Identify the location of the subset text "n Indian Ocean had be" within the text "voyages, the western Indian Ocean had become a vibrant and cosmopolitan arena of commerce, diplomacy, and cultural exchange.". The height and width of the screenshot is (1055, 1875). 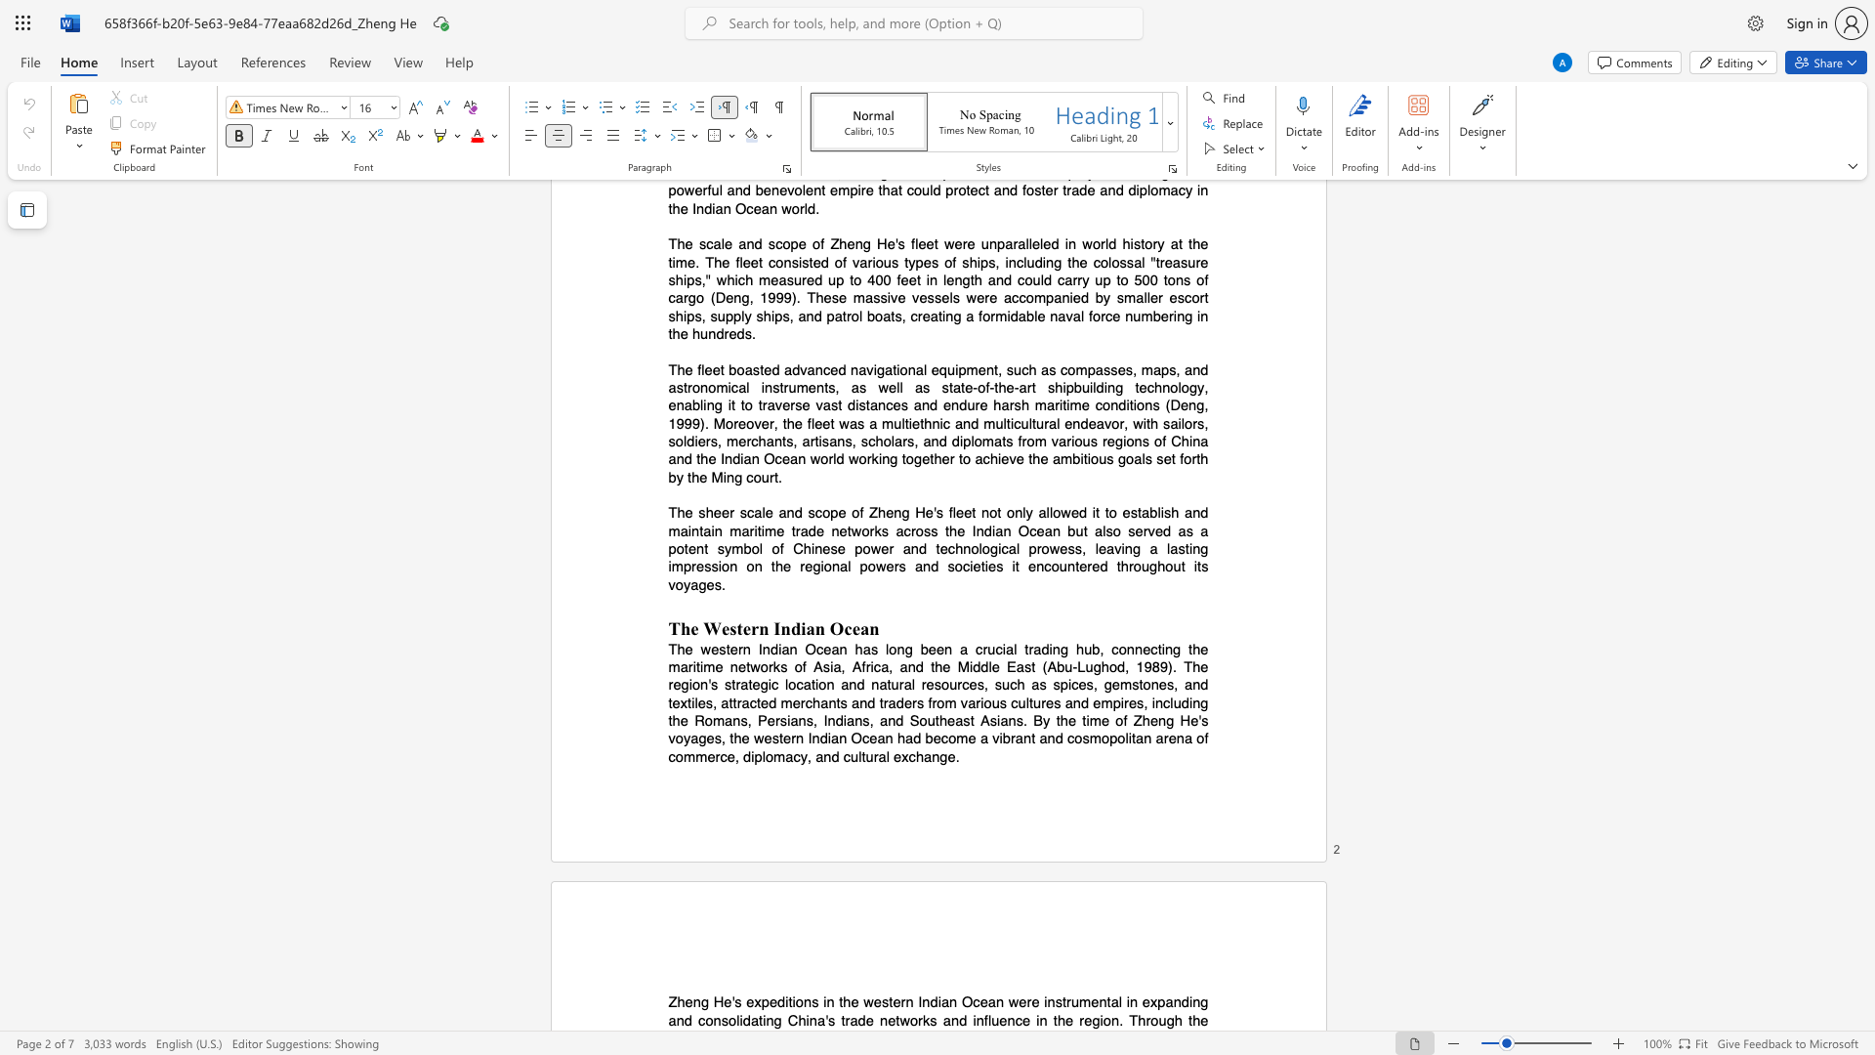
(796, 738).